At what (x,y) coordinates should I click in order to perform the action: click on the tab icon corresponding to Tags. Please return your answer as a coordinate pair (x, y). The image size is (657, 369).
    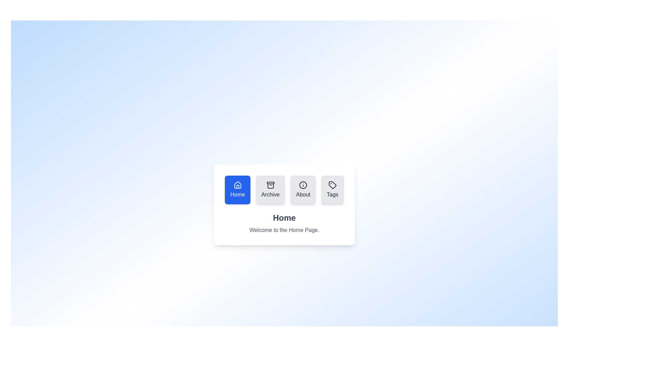
    Looking at the image, I should click on (332, 190).